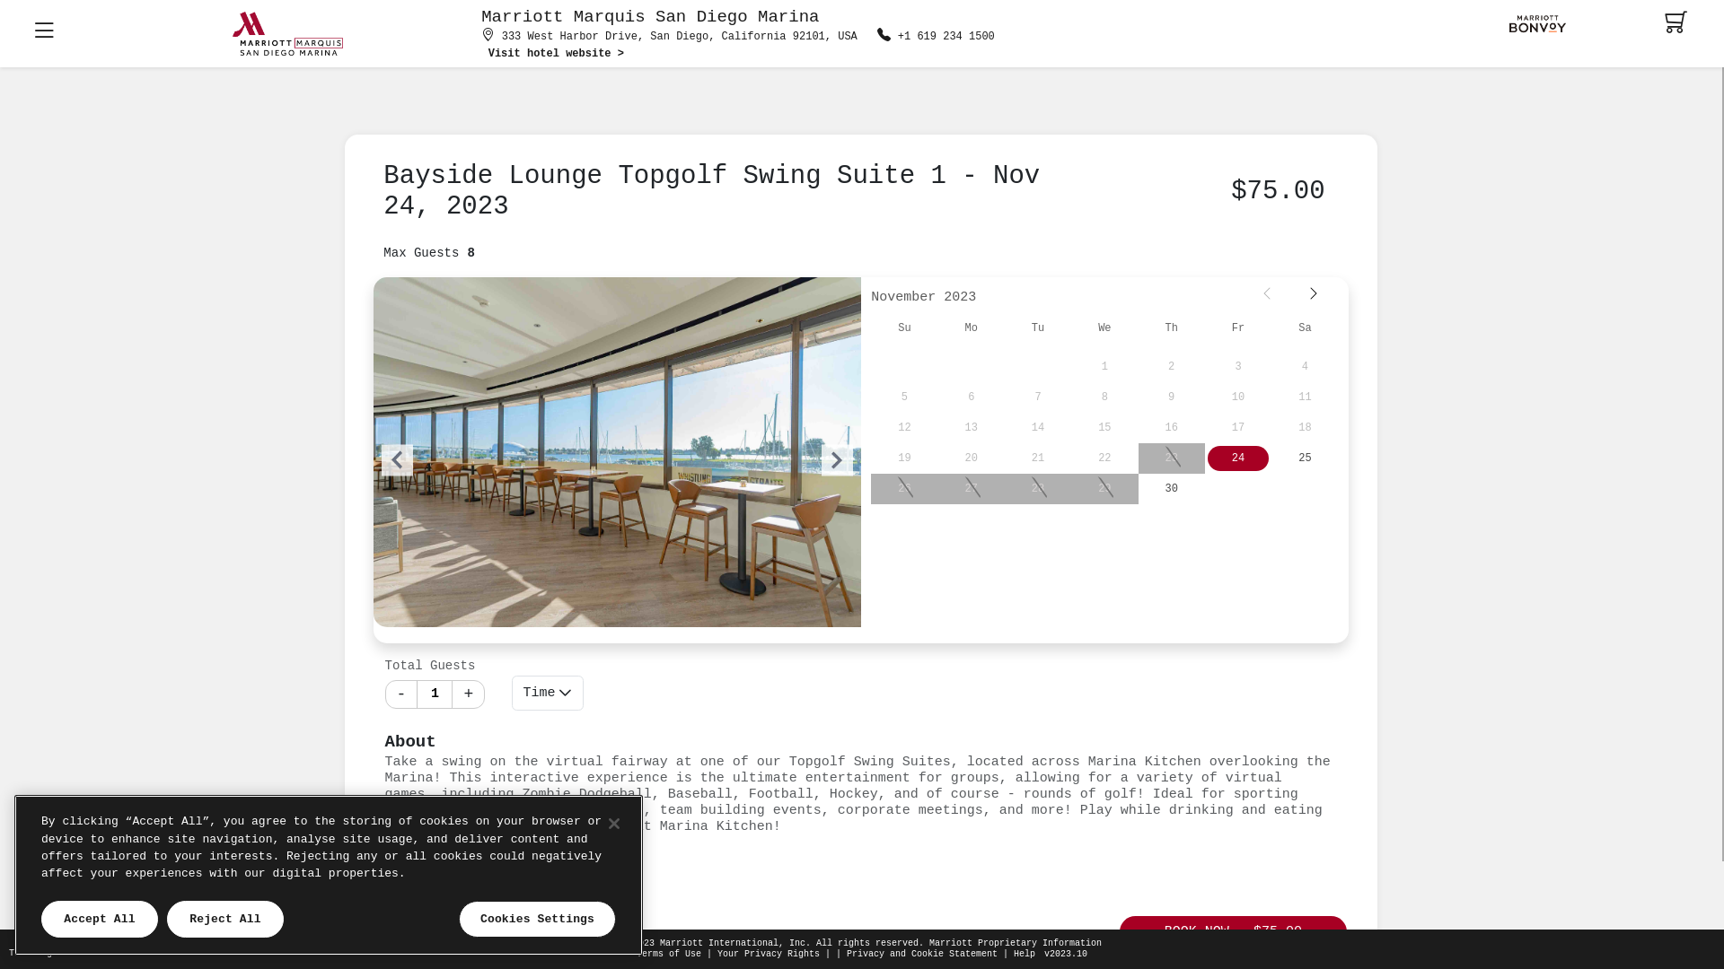 This screenshot has width=1724, height=969. What do you see at coordinates (1025, 953) in the screenshot?
I see `'Help'` at bounding box center [1025, 953].